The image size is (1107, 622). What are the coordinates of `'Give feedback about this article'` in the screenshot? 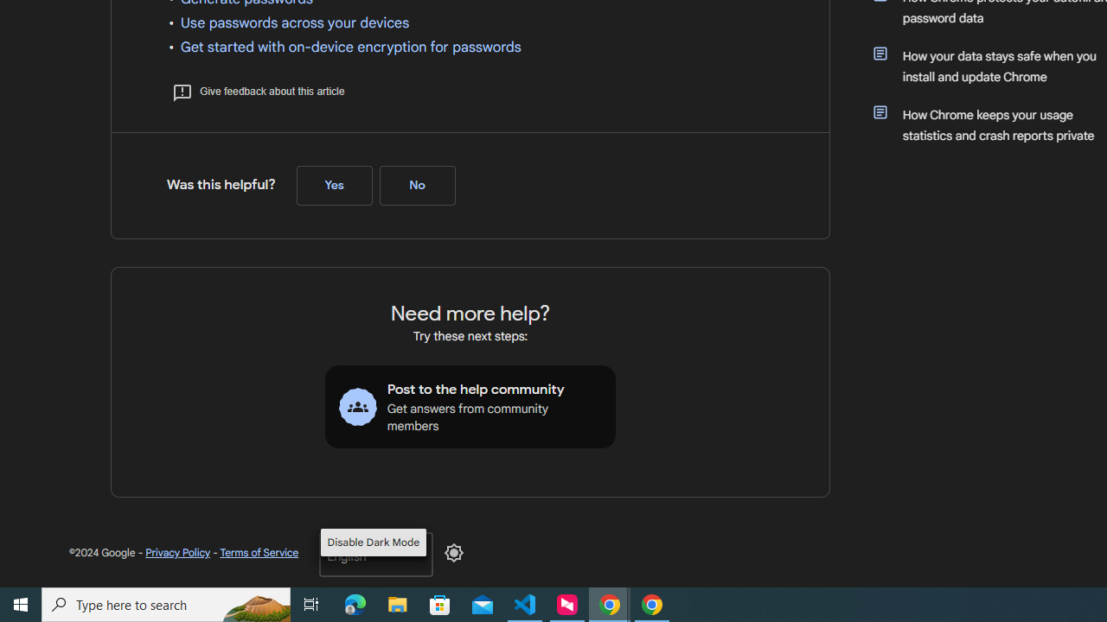 It's located at (257, 91).